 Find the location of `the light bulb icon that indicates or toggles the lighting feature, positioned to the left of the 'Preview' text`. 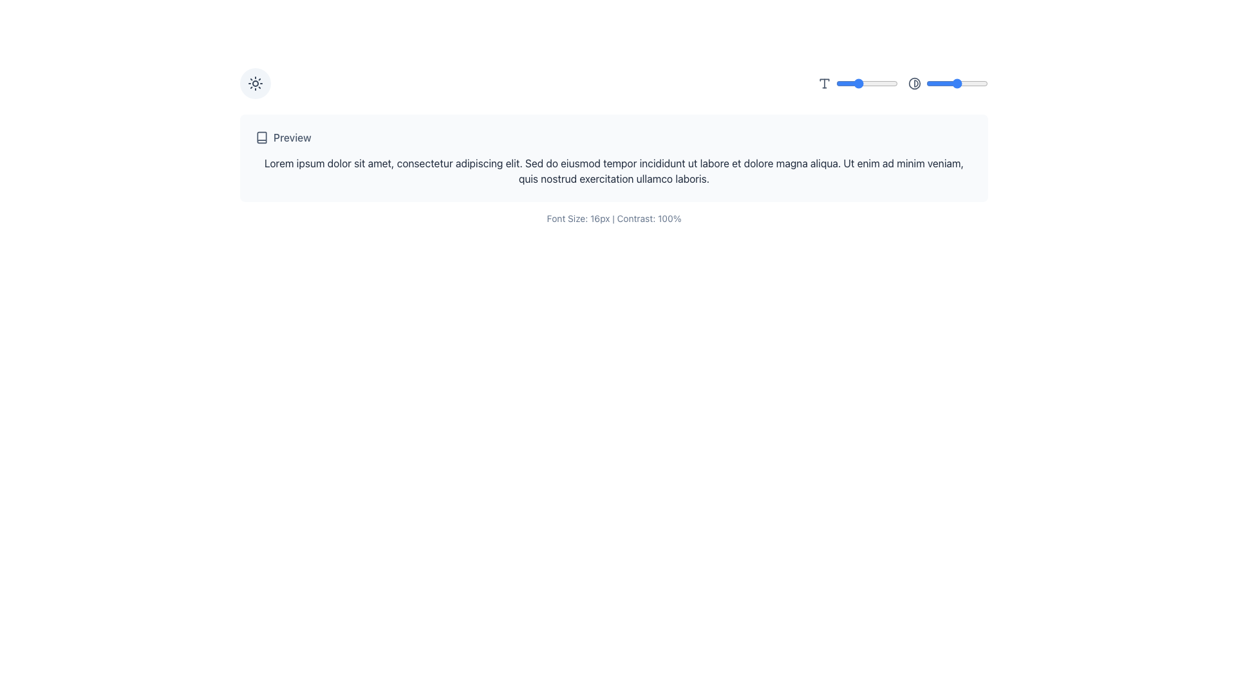

the light bulb icon that indicates or toggles the lighting feature, positioned to the left of the 'Preview' text is located at coordinates (256, 86).